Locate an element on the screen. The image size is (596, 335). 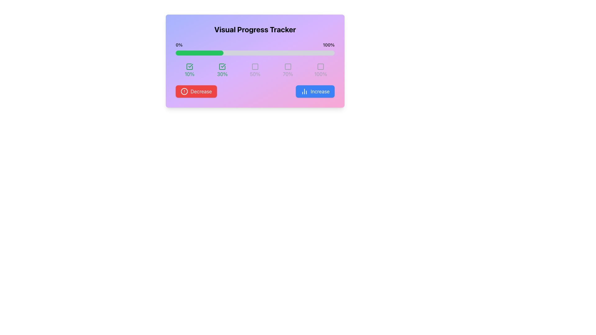
the Label with Icon that indicates 100% completion of the progress tracker, located at the far right of a horizontal grid of percentage indicators is located at coordinates (321, 70).